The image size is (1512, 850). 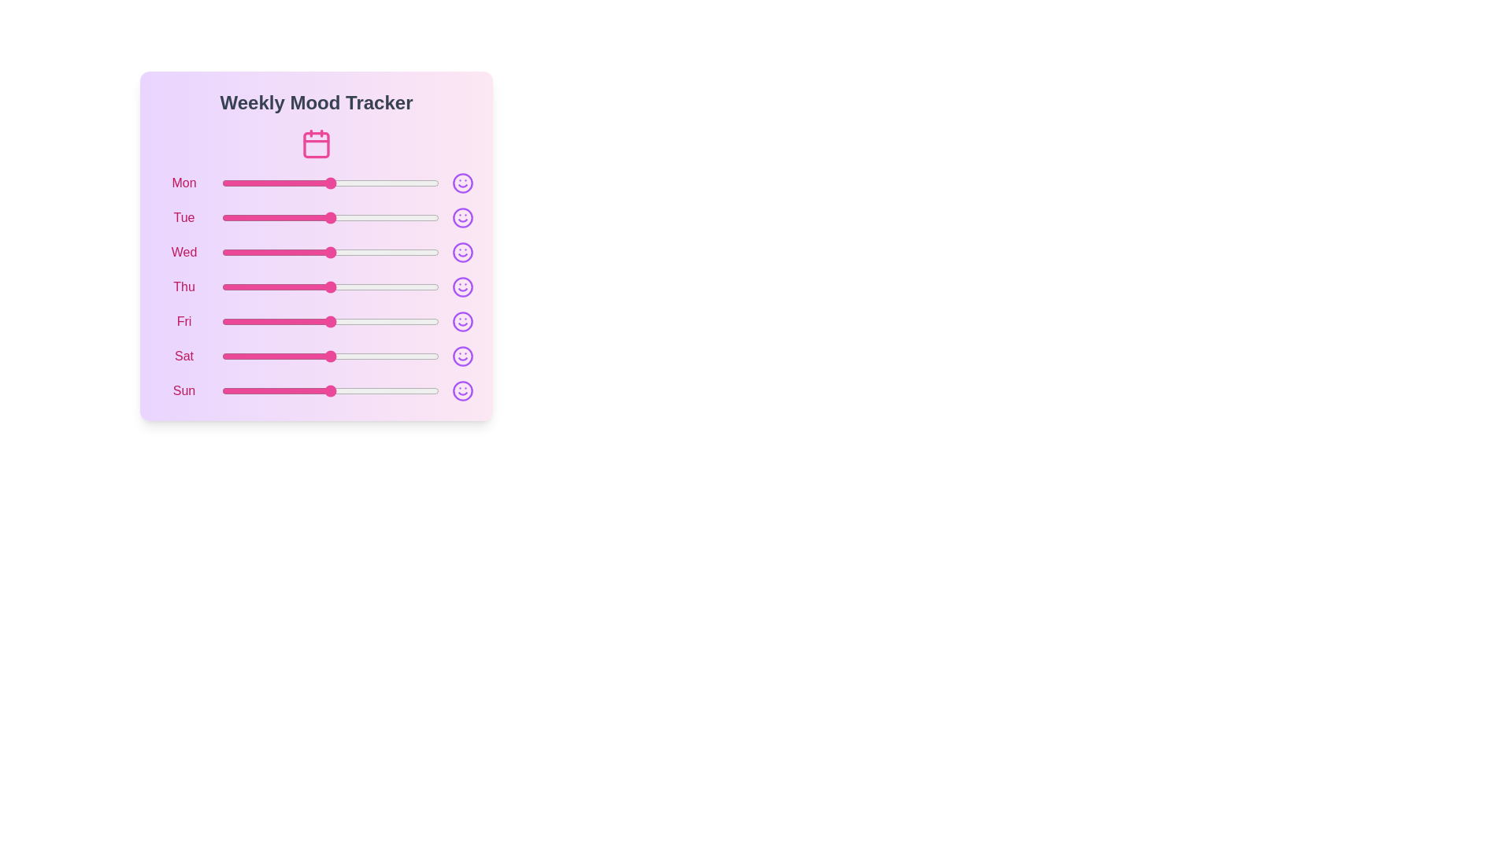 What do you see at coordinates (462, 287) in the screenshot?
I see `the smiley icon corresponding to the day Thu` at bounding box center [462, 287].